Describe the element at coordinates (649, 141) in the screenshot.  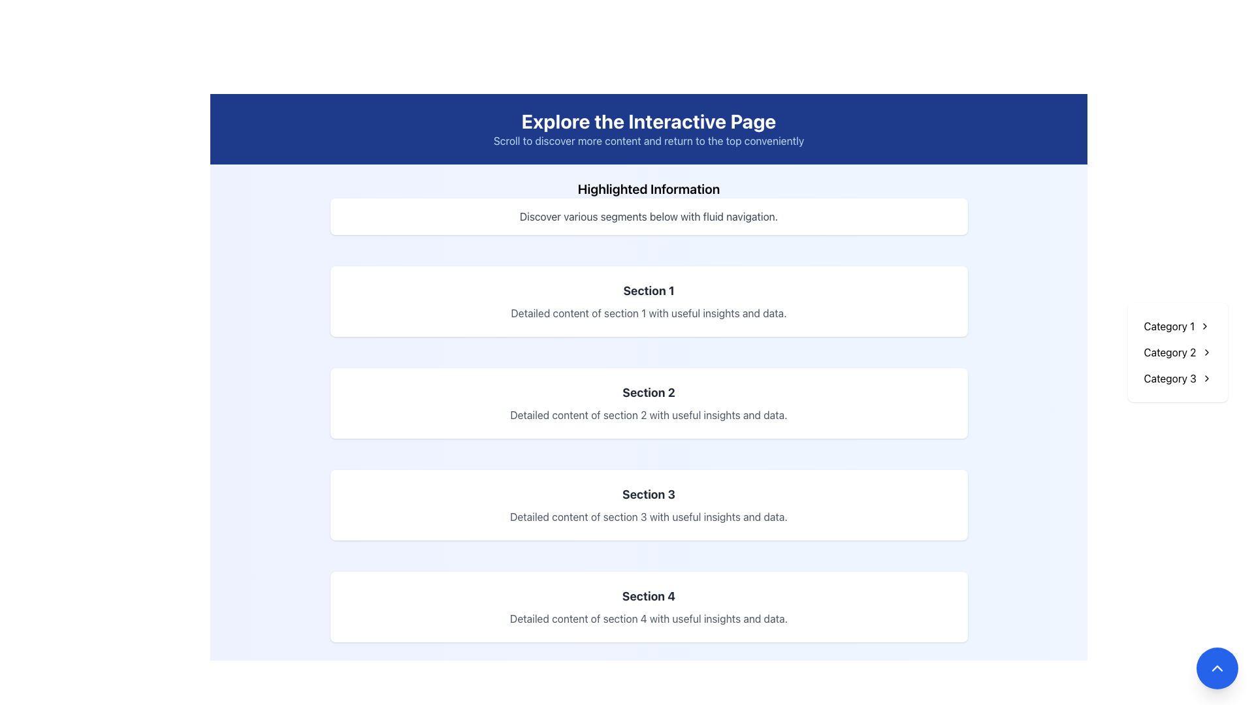
I see `informational text label located below the heading 'Explore the Interactive Page' in the banner at the top of the interface` at that location.